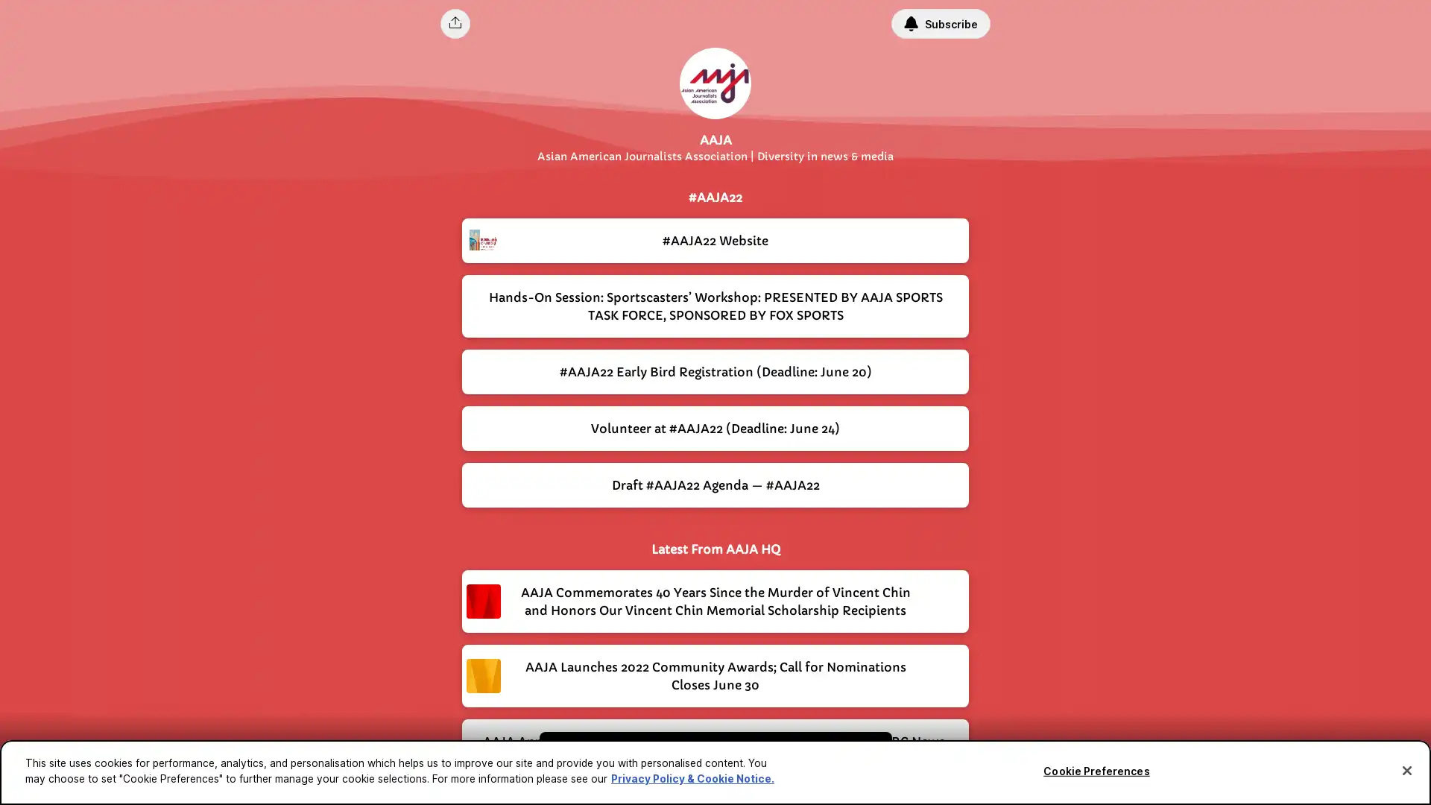 The width and height of the screenshot is (1431, 805). I want to click on Cookie Preferences, so click(1096, 771).